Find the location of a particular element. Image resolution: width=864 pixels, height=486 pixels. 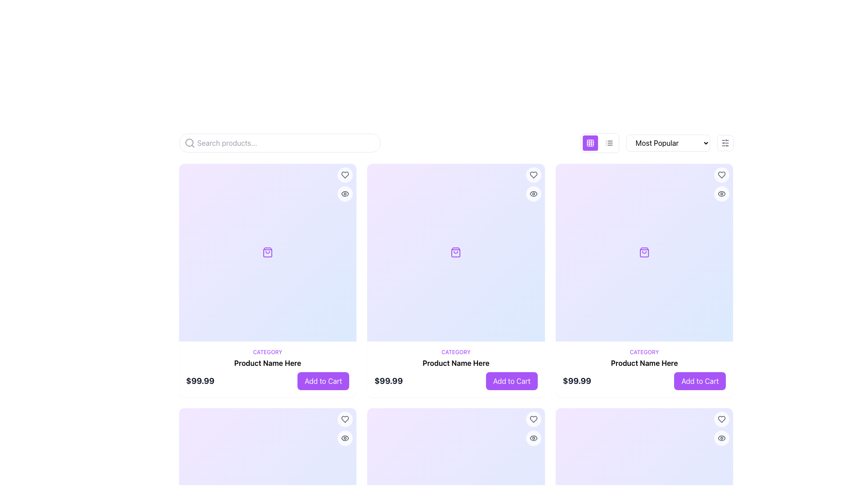

the 'view details' button located in the top-right corner of the card component to trigger visual feedback is located at coordinates (345, 193).